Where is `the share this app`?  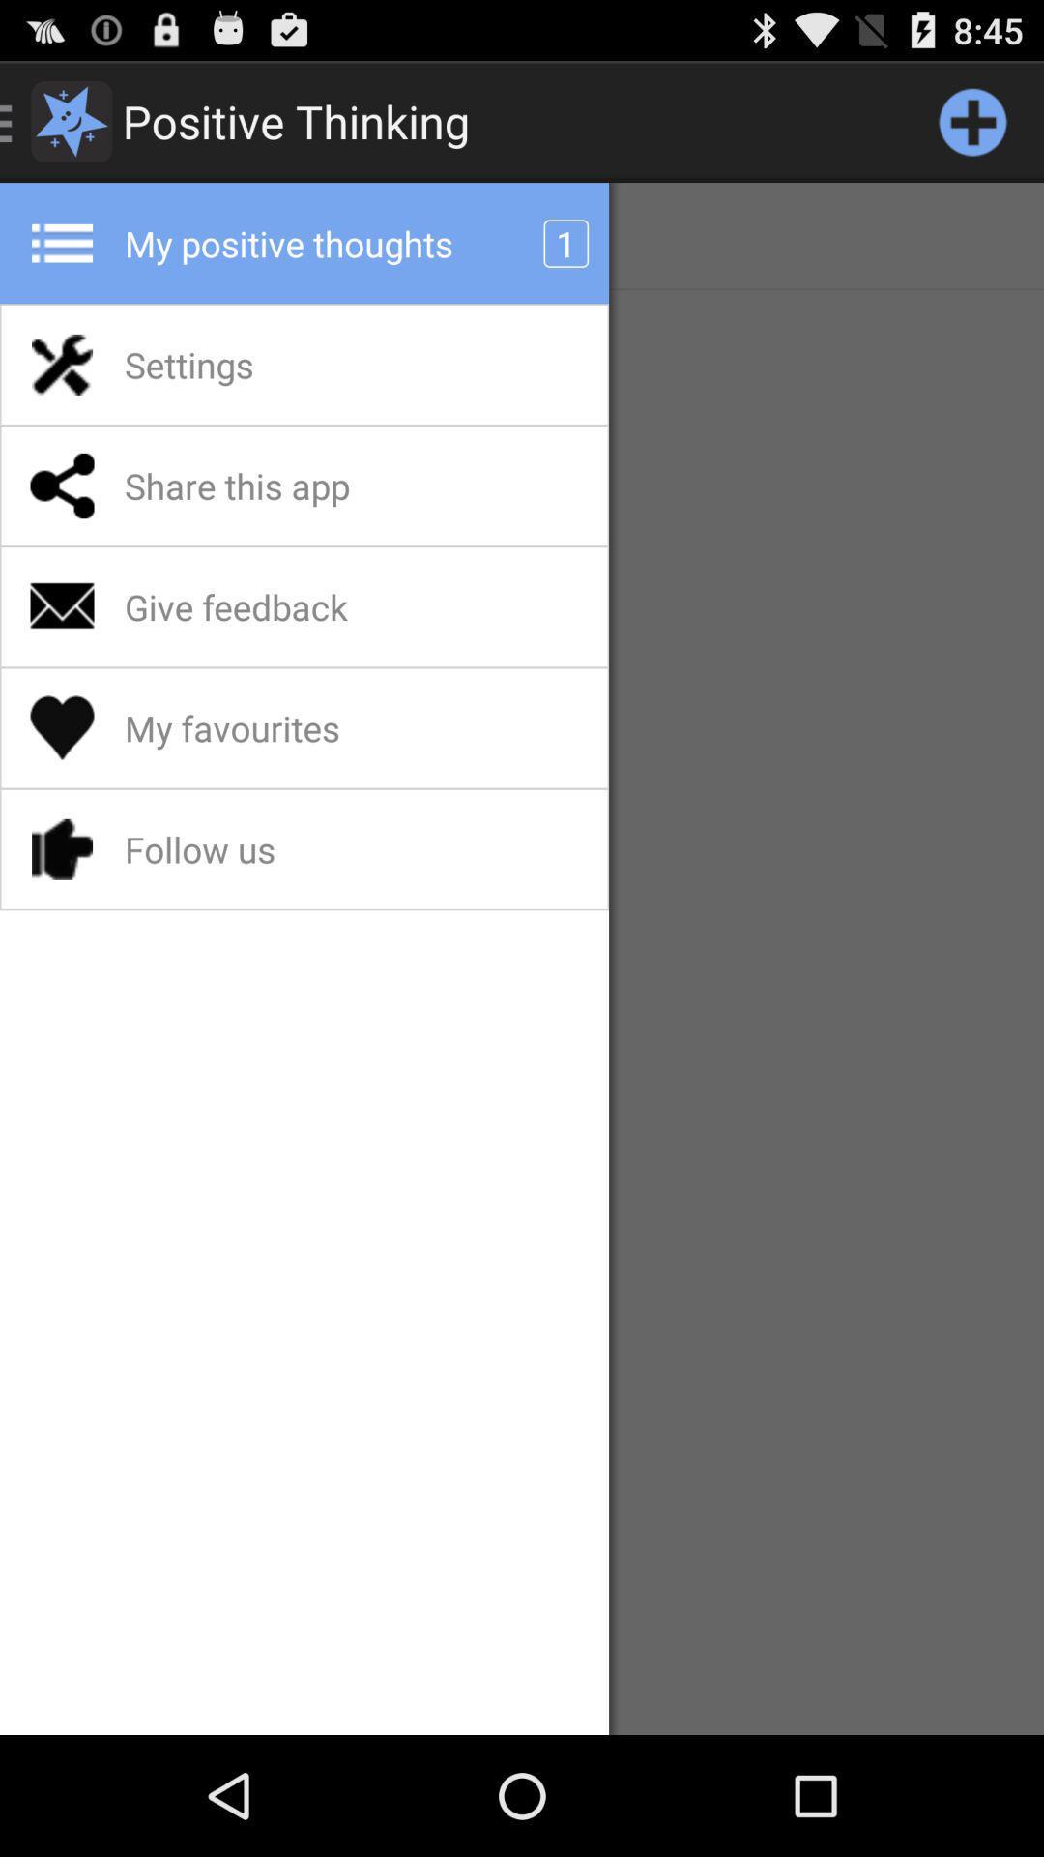 the share this app is located at coordinates (288, 486).